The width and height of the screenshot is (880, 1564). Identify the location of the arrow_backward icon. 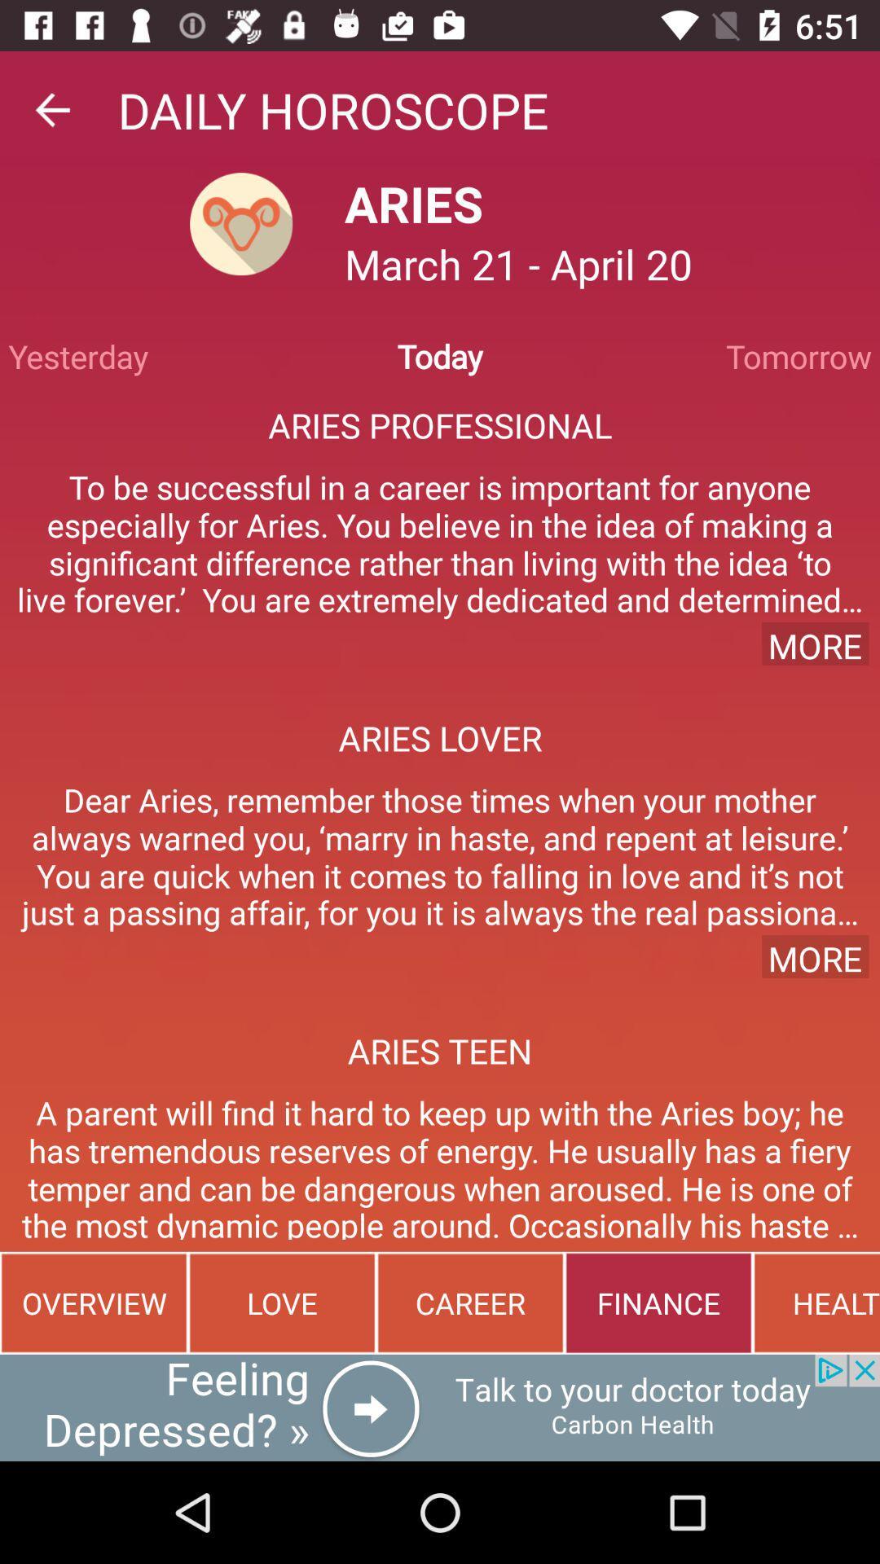
(51, 109).